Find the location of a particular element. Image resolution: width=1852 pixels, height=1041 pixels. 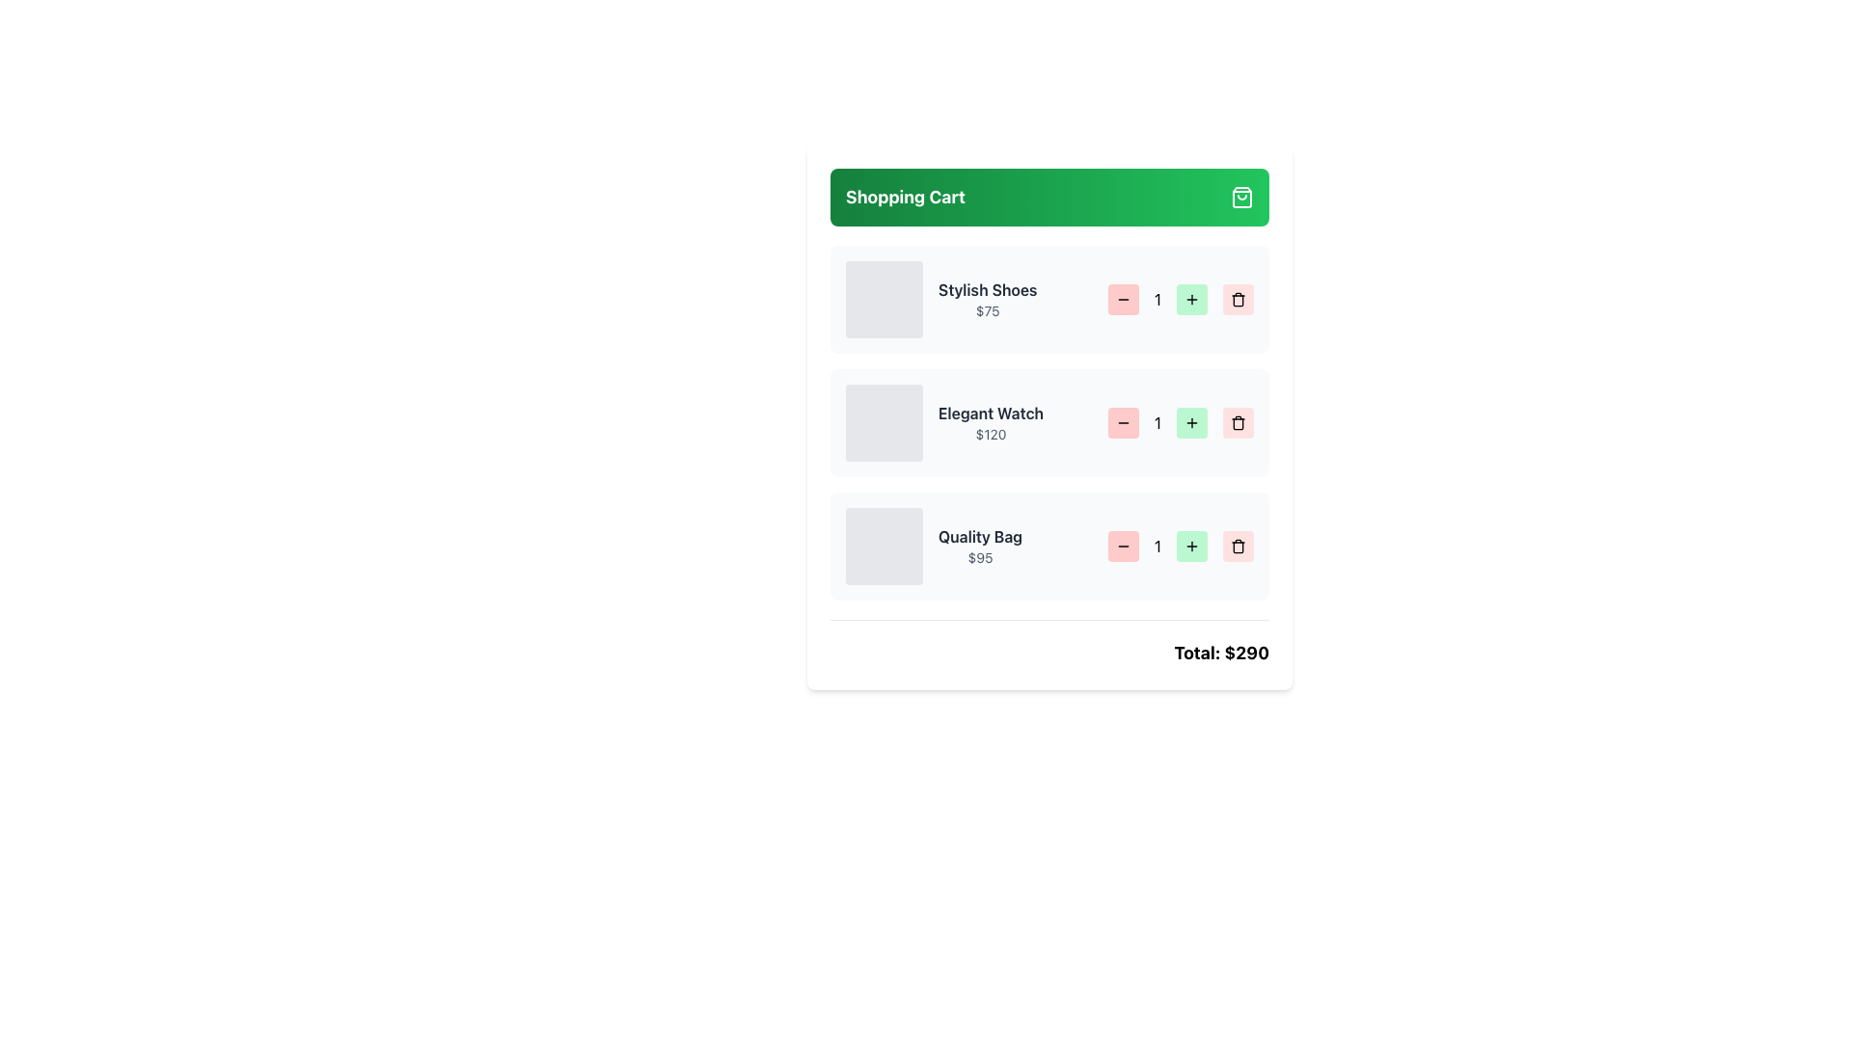

the minus icon within the button in the 'Quality Bag' section of the shopping cart interface, which has a light red background and is styled with a minimalistic stroke is located at coordinates (1123, 547).